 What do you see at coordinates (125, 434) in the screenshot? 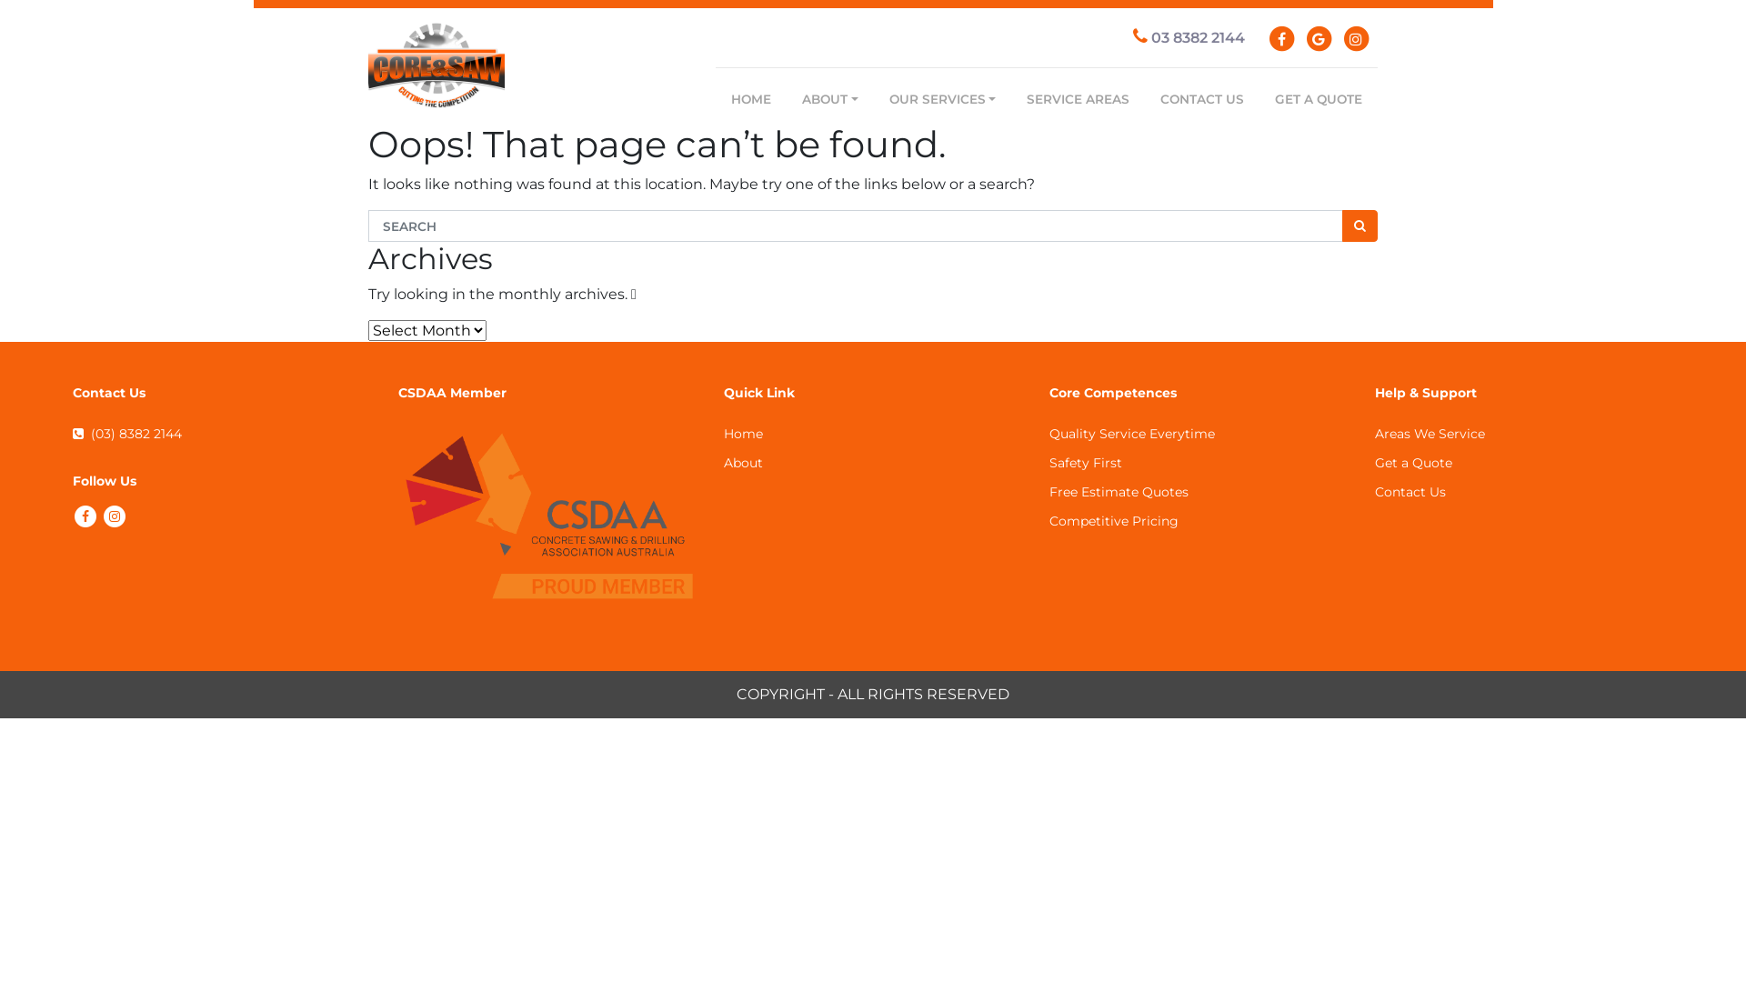
I see `'(03) 8382 2144'` at bounding box center [125, 434].